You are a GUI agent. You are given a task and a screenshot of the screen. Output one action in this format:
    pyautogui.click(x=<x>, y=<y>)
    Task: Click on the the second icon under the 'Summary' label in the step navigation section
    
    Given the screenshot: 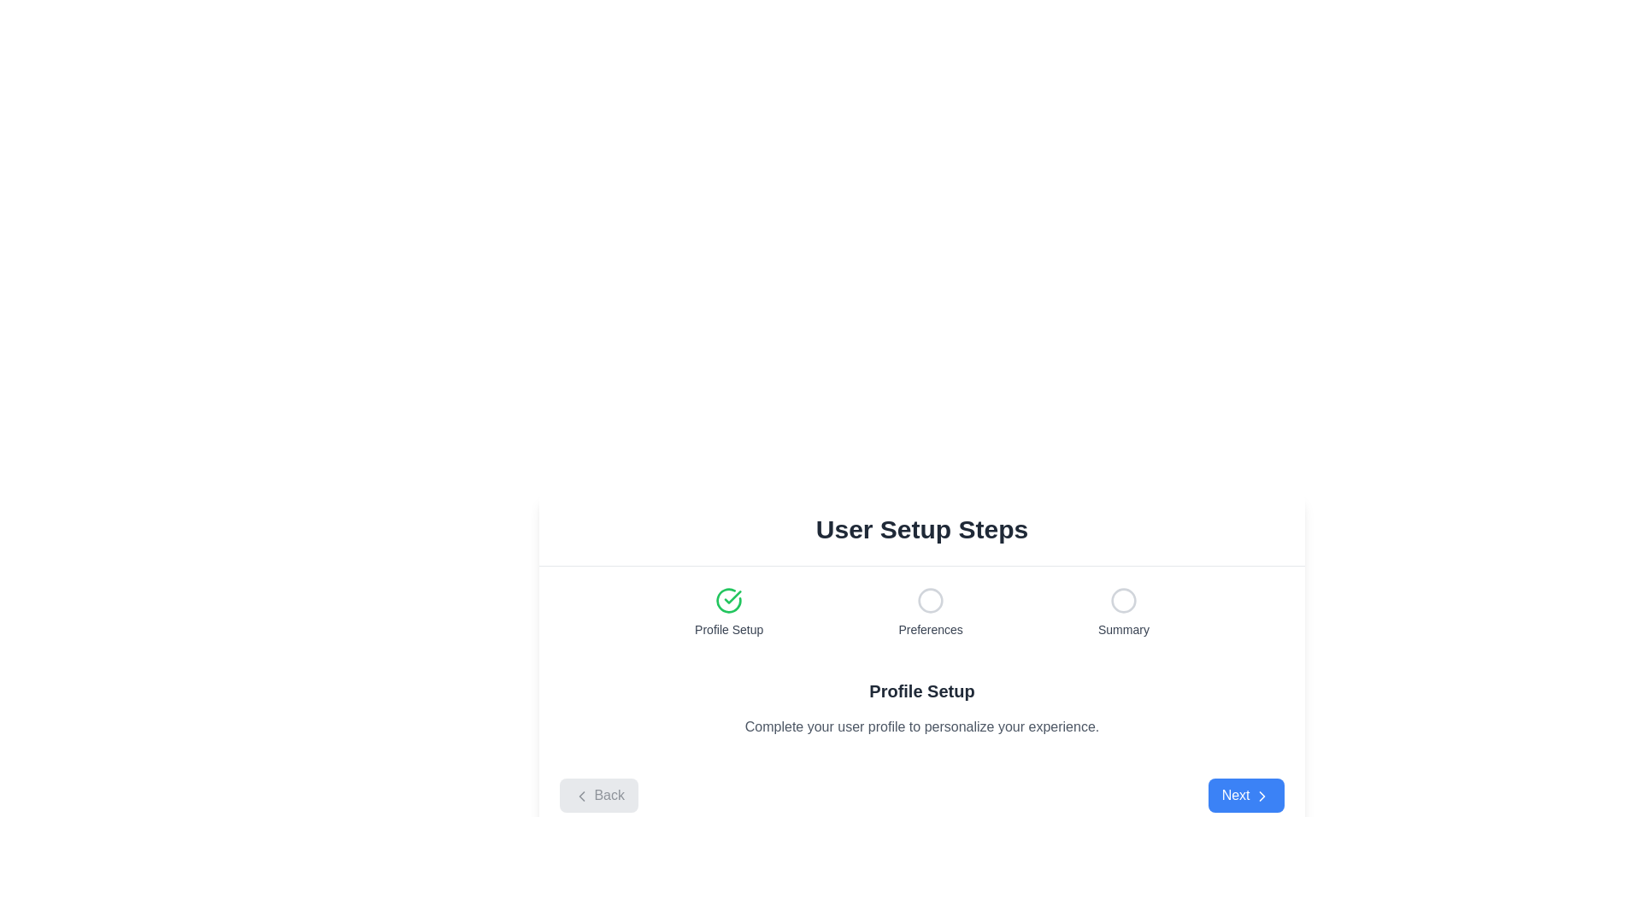 What is the action you would take?
    pyautogui.click(x=1124, y=599)
    